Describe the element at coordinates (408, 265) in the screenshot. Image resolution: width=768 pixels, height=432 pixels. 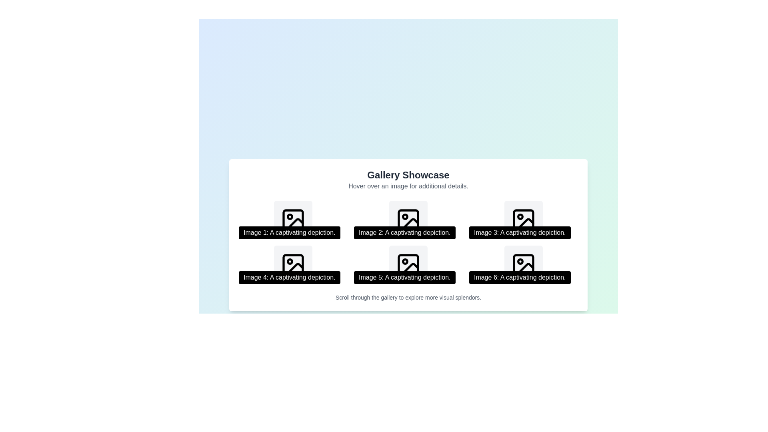
I see `the fifth thumbnail in the gallery interface` at that location.